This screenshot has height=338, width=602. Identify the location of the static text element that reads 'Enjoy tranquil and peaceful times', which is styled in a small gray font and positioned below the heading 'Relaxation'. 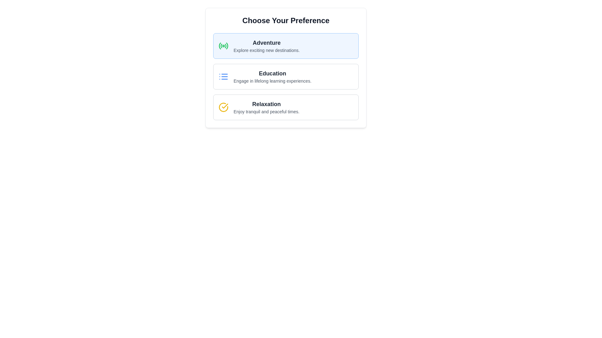
(266, 111).